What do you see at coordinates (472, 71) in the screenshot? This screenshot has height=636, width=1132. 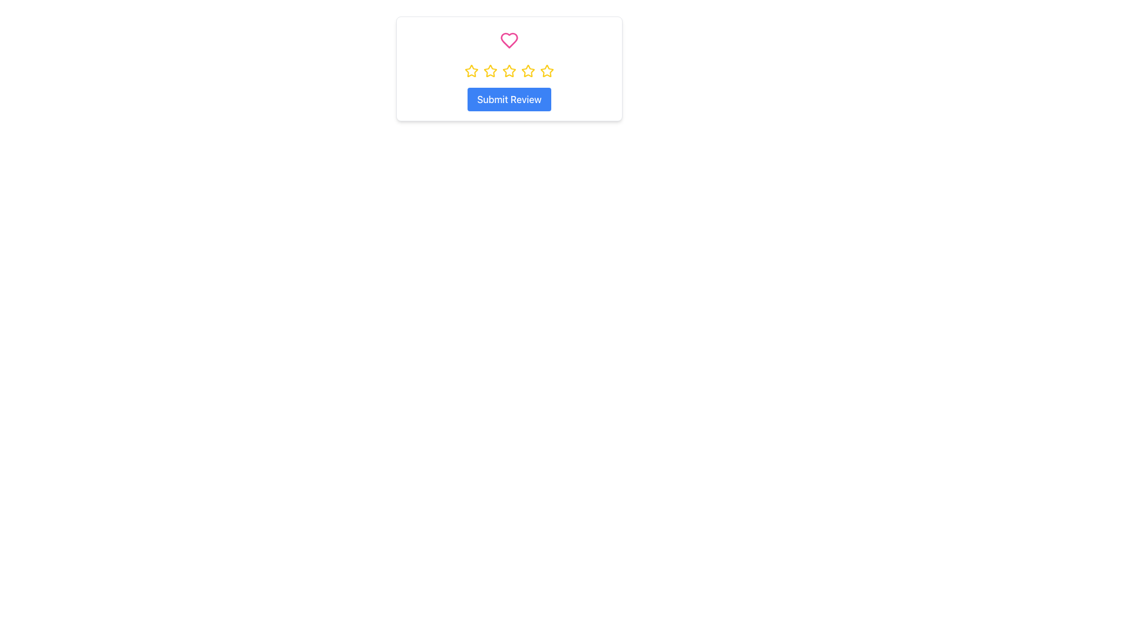 I see `the first star icon in the rating system` at bounding box center [472, 71].